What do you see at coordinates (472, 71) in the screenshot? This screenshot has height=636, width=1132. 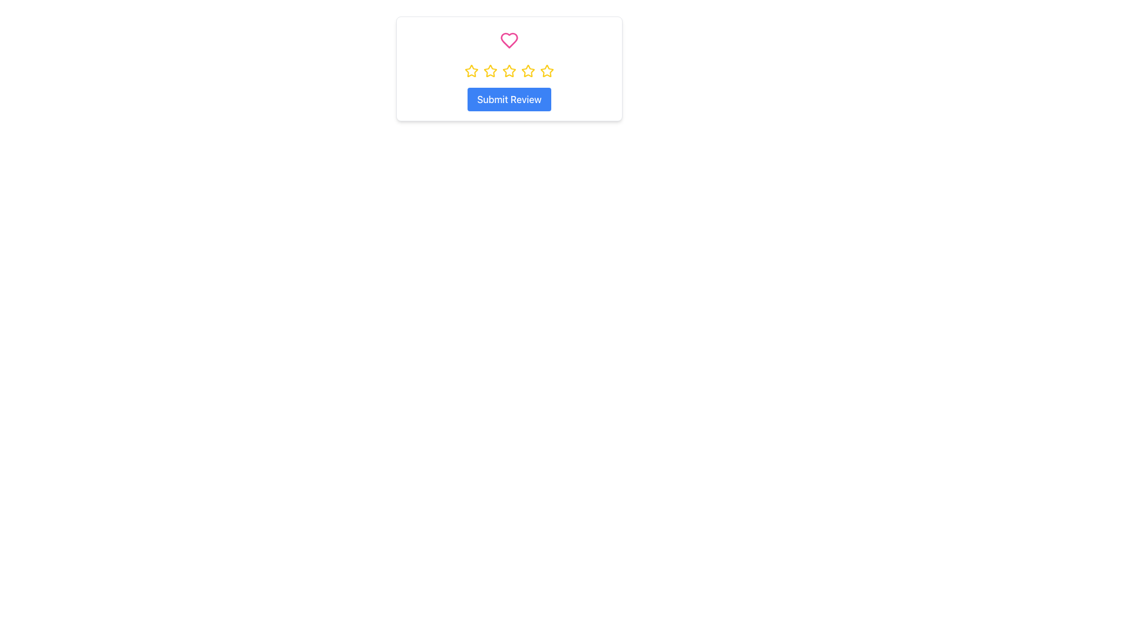 I see `the first star icon in the rating system` at bounding box center [472, 71].